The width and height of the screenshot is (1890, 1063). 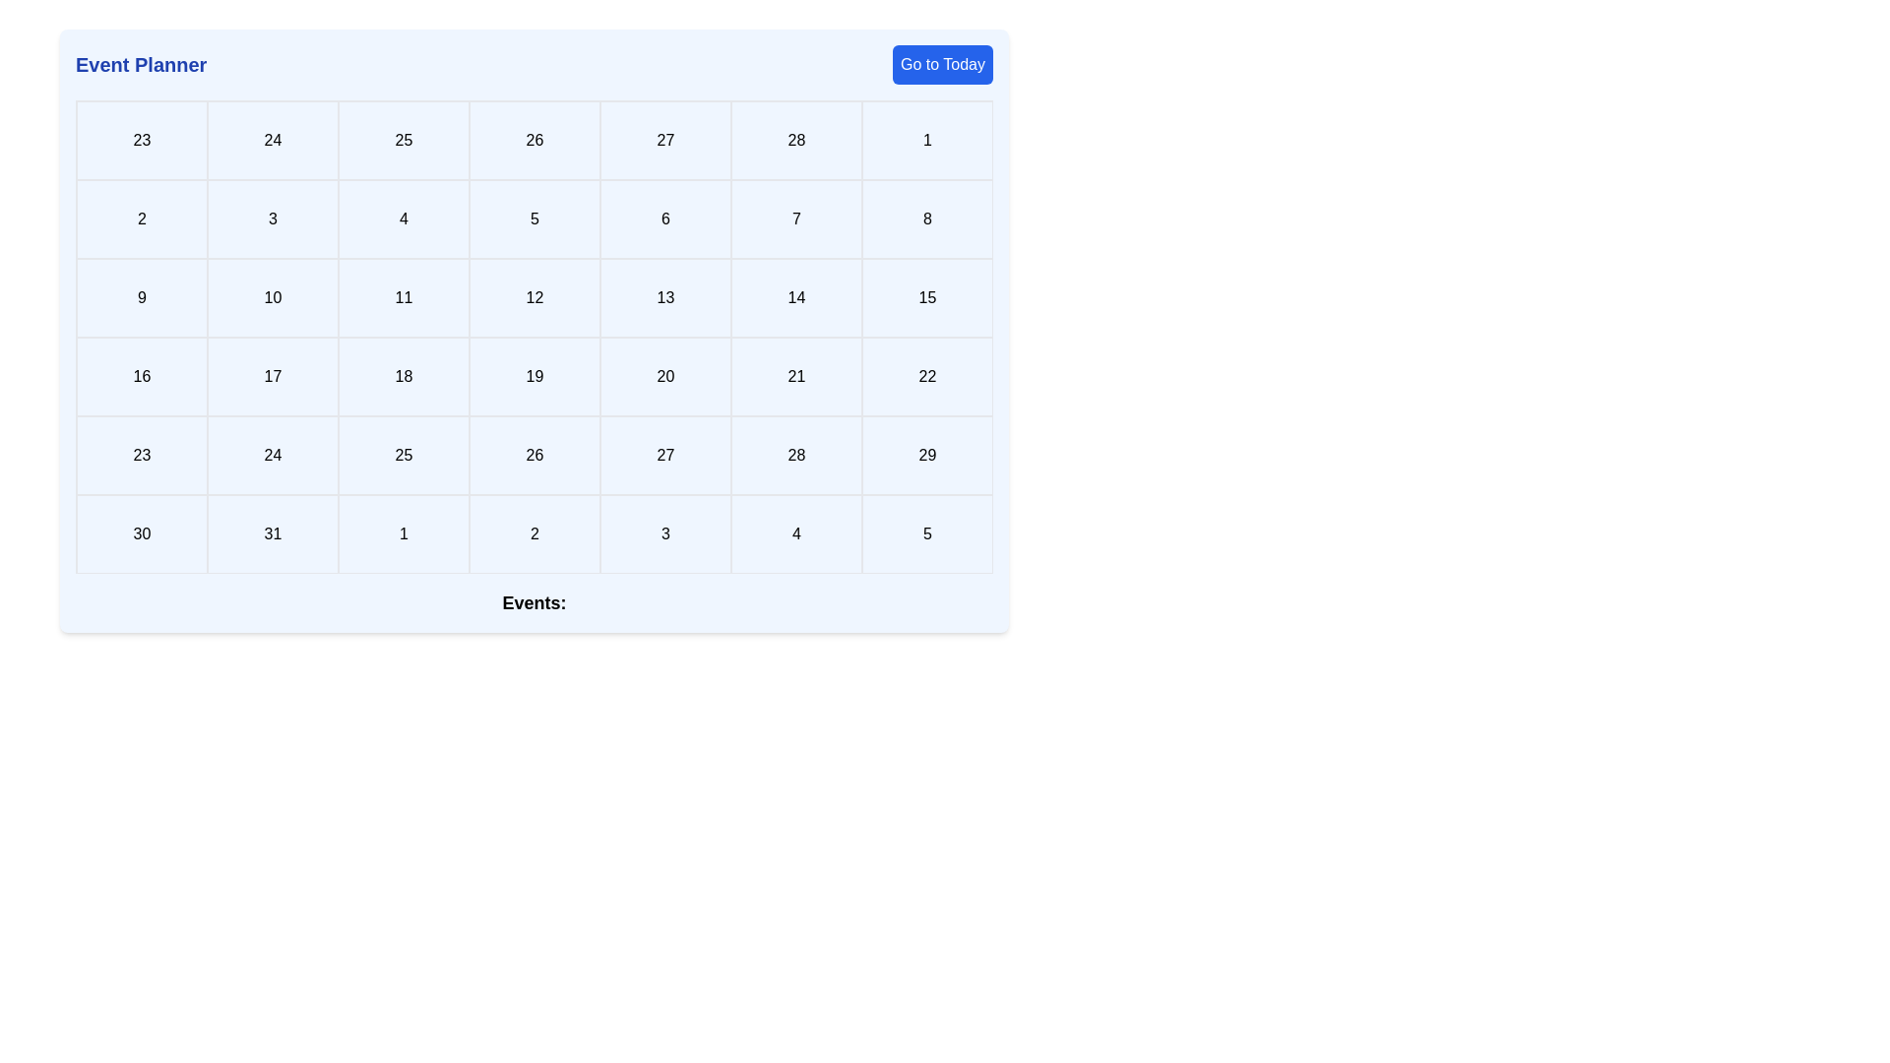 I want to click on the calendar cell containing the text '7', which is located in the second row and seventh column of the calendar grid, so click(x=796, y=219).